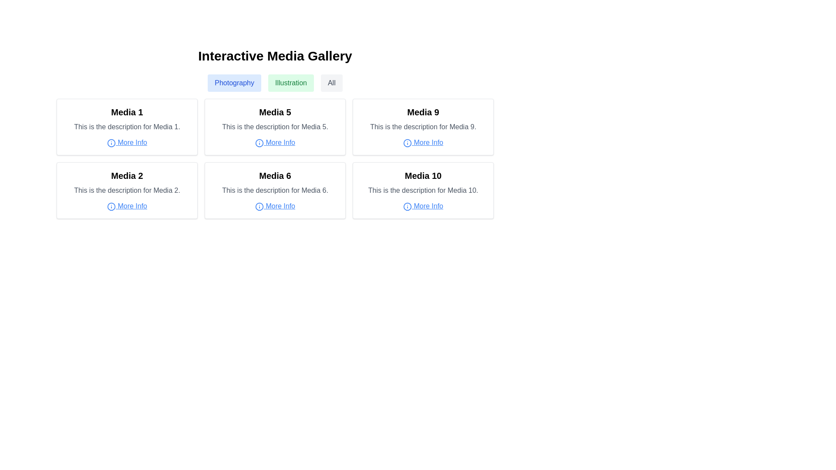 The width and height of the screenshot is (836, 470). What do you see at coordinates (259, 206) in the screenshot?
I see `the 'More Info' icon located in the 'Media 6' content box` at bounding box center [259, 206].